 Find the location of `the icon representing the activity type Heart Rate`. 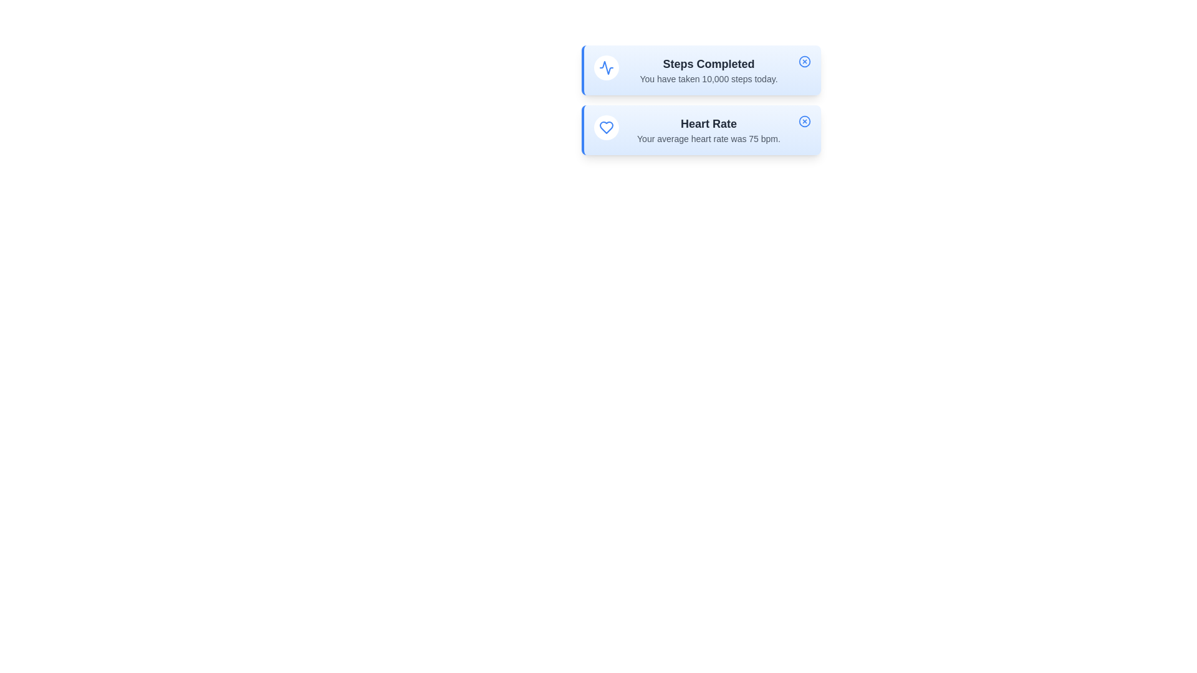

the icon representing the activity type Heart Rate is located at coordinates (607, 127).